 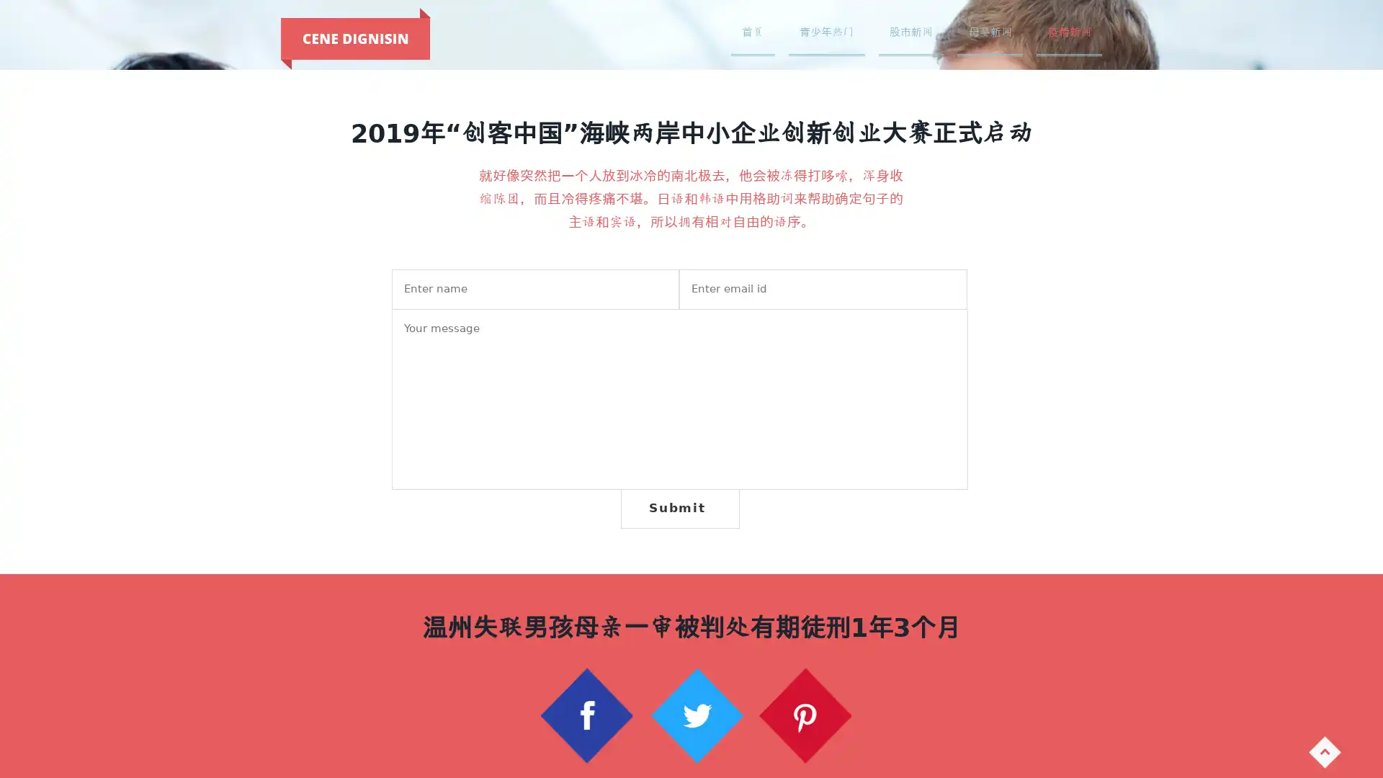 What do you see at coordinates (679, 507) in the screenshot?
I see `Submit` at bounding box center [679, 507].